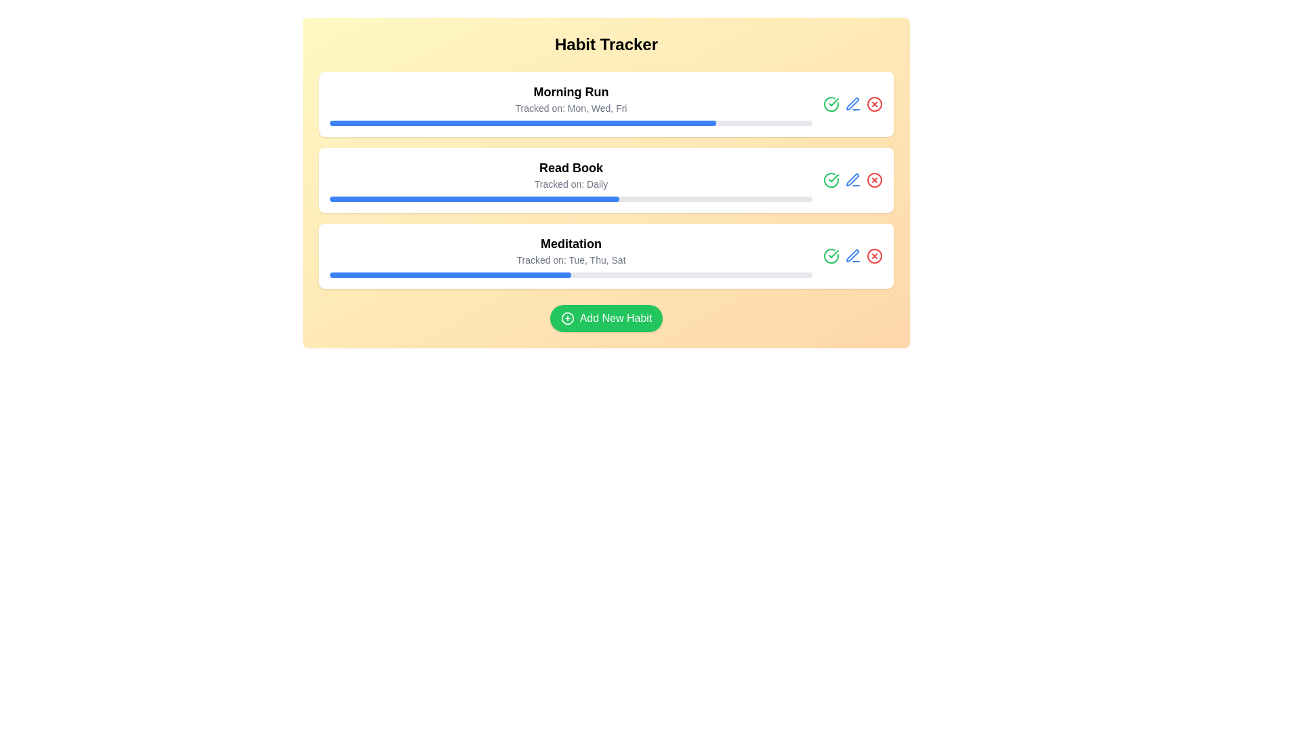 Image resolution: width=1301 pixels, height=732 pixels. What do you see at coordinates (875, 256) in the screenshot?
I see `the delete button located as the third icon in the rightmost section of the habit tracker interface, next to the 'Meditation' habit` at bounding box center [875, 256].